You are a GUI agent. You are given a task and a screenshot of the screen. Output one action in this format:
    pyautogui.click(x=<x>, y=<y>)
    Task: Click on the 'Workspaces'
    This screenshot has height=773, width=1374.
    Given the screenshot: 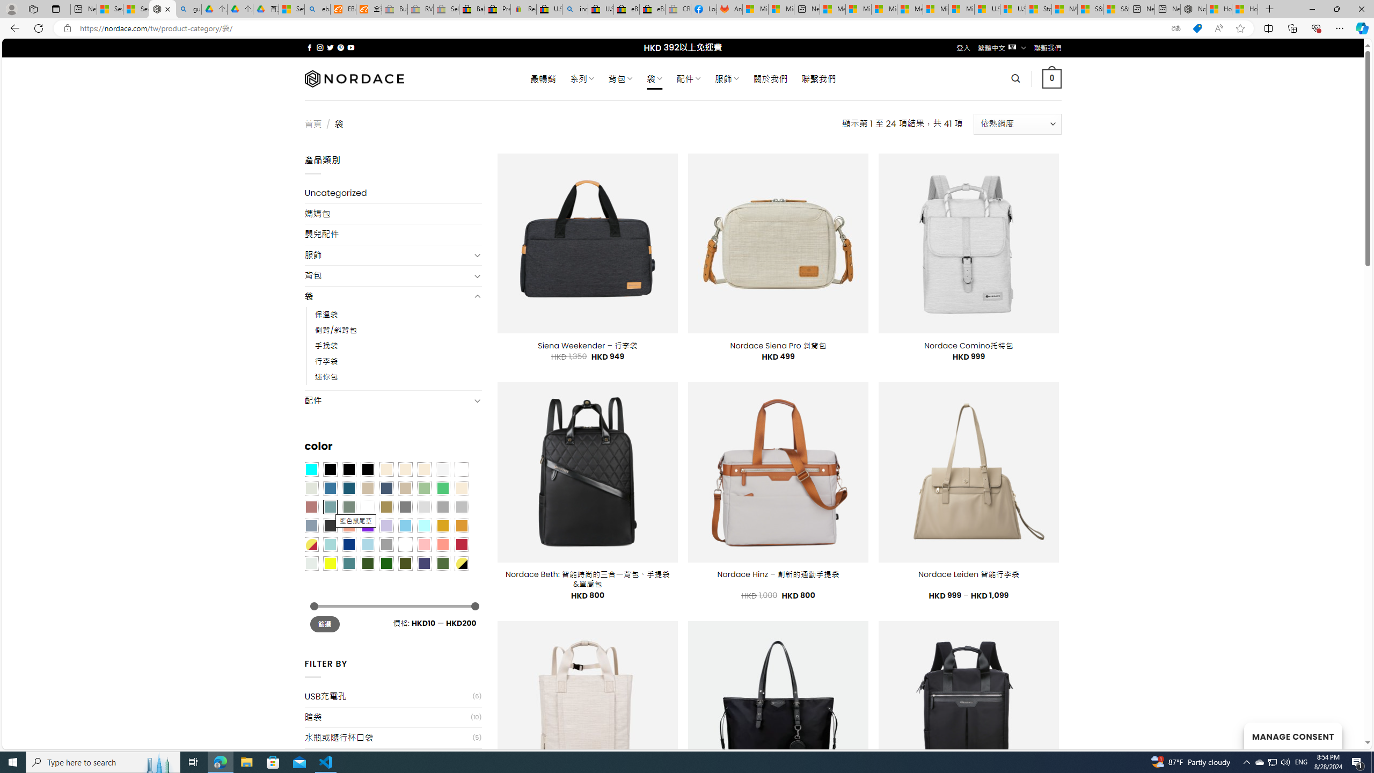 What is the action you would take?
    pyautogui.click(x=33, y=9)
    